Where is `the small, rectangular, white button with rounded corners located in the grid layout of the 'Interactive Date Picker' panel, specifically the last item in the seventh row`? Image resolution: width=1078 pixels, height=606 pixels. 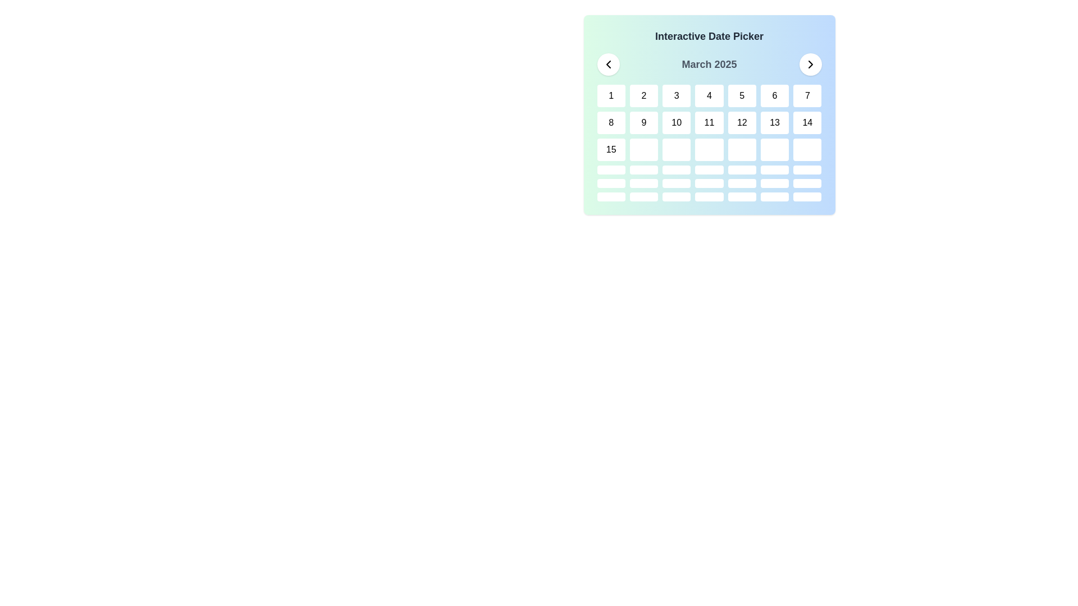 the small, rectangular, white button with rounded corners located in the grid layout of the 'Interactive Date Picker' panel, specifically the last item in the seventh row is located at coordinates (807, 196).